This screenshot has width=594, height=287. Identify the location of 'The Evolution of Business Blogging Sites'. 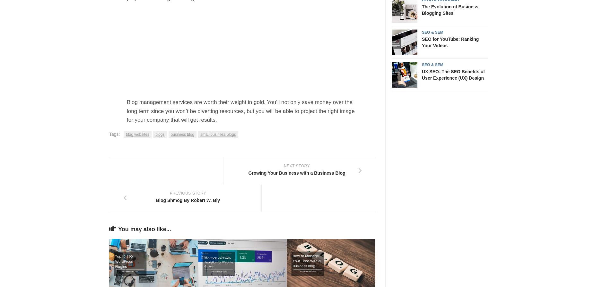
(450, 10).